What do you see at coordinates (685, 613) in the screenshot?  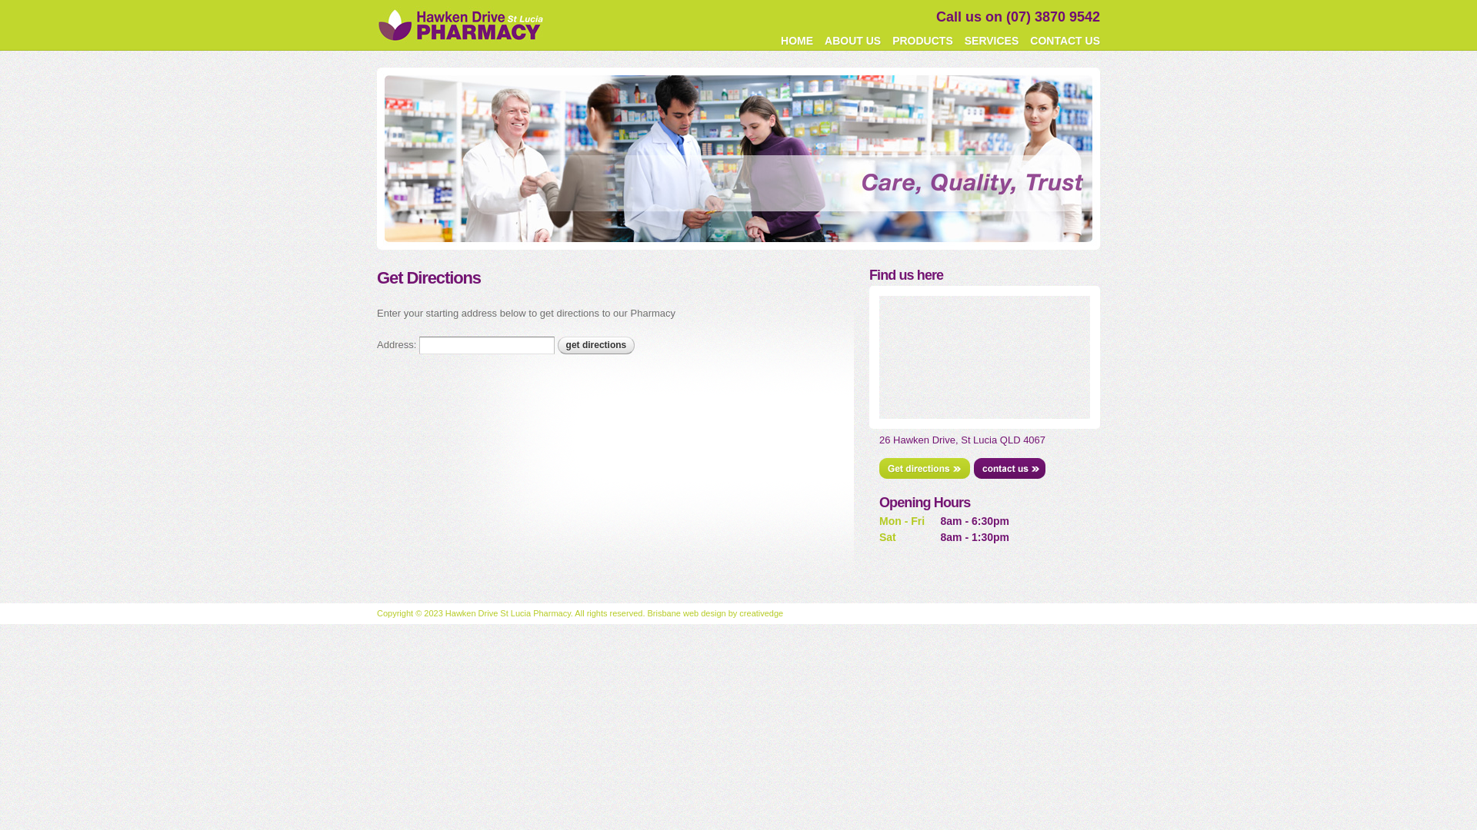 I see `'Brisbane web design'` at bounding box center [685, 613].